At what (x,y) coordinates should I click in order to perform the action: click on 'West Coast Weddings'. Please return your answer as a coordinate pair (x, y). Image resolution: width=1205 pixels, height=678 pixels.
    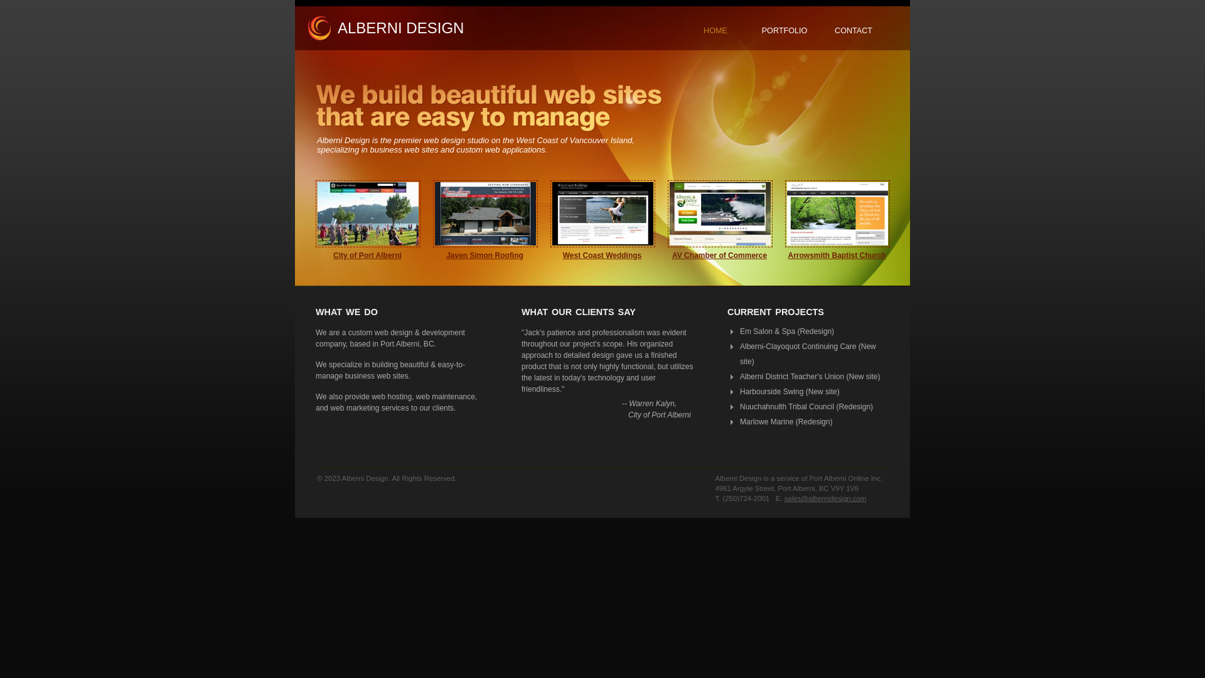
    Looking at the image, I should click on (602, 255).